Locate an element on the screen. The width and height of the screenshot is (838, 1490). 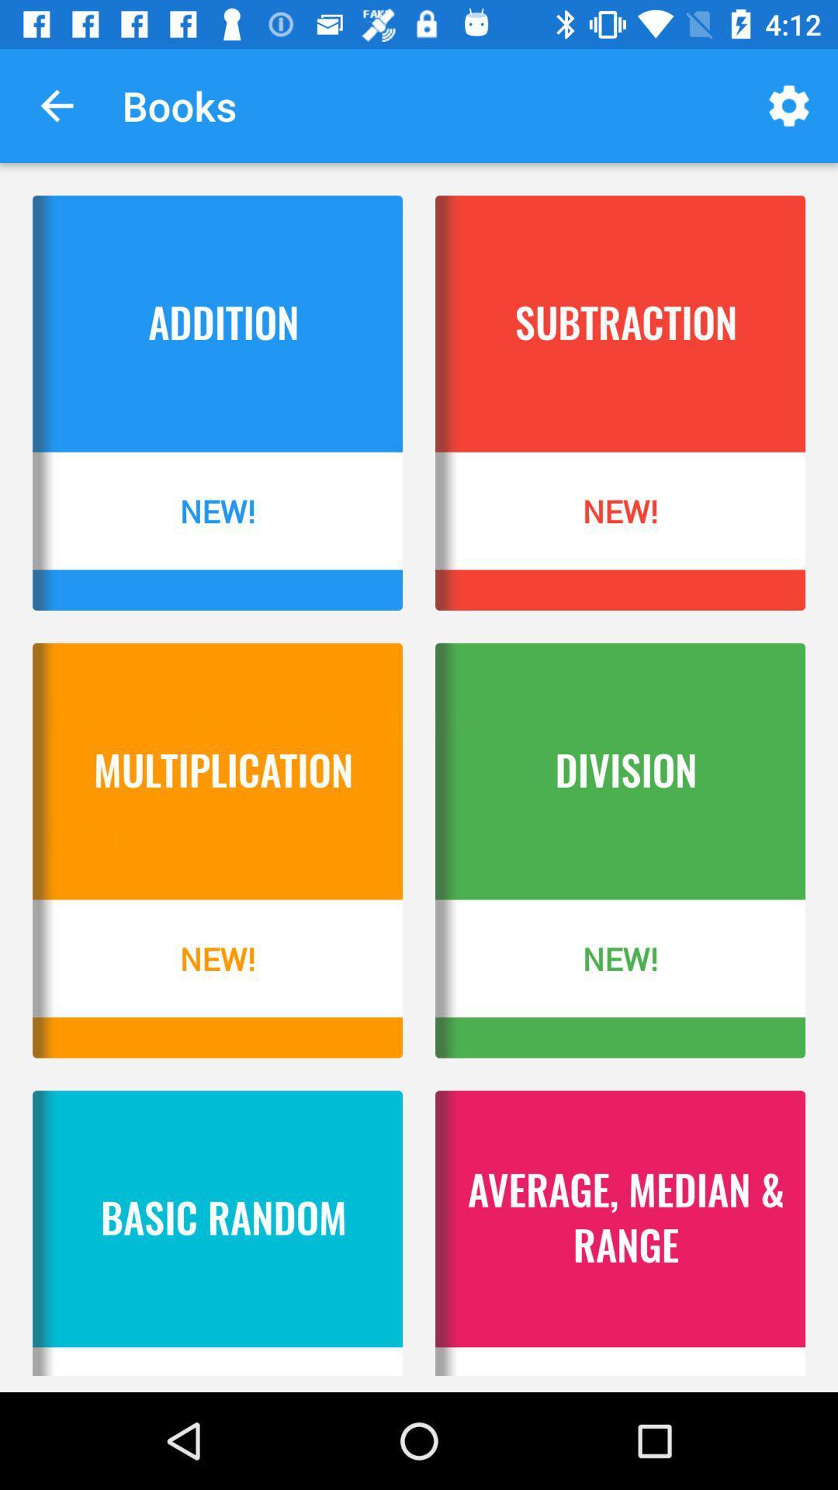
the item next to the books item is located at coordinates (56, 105).